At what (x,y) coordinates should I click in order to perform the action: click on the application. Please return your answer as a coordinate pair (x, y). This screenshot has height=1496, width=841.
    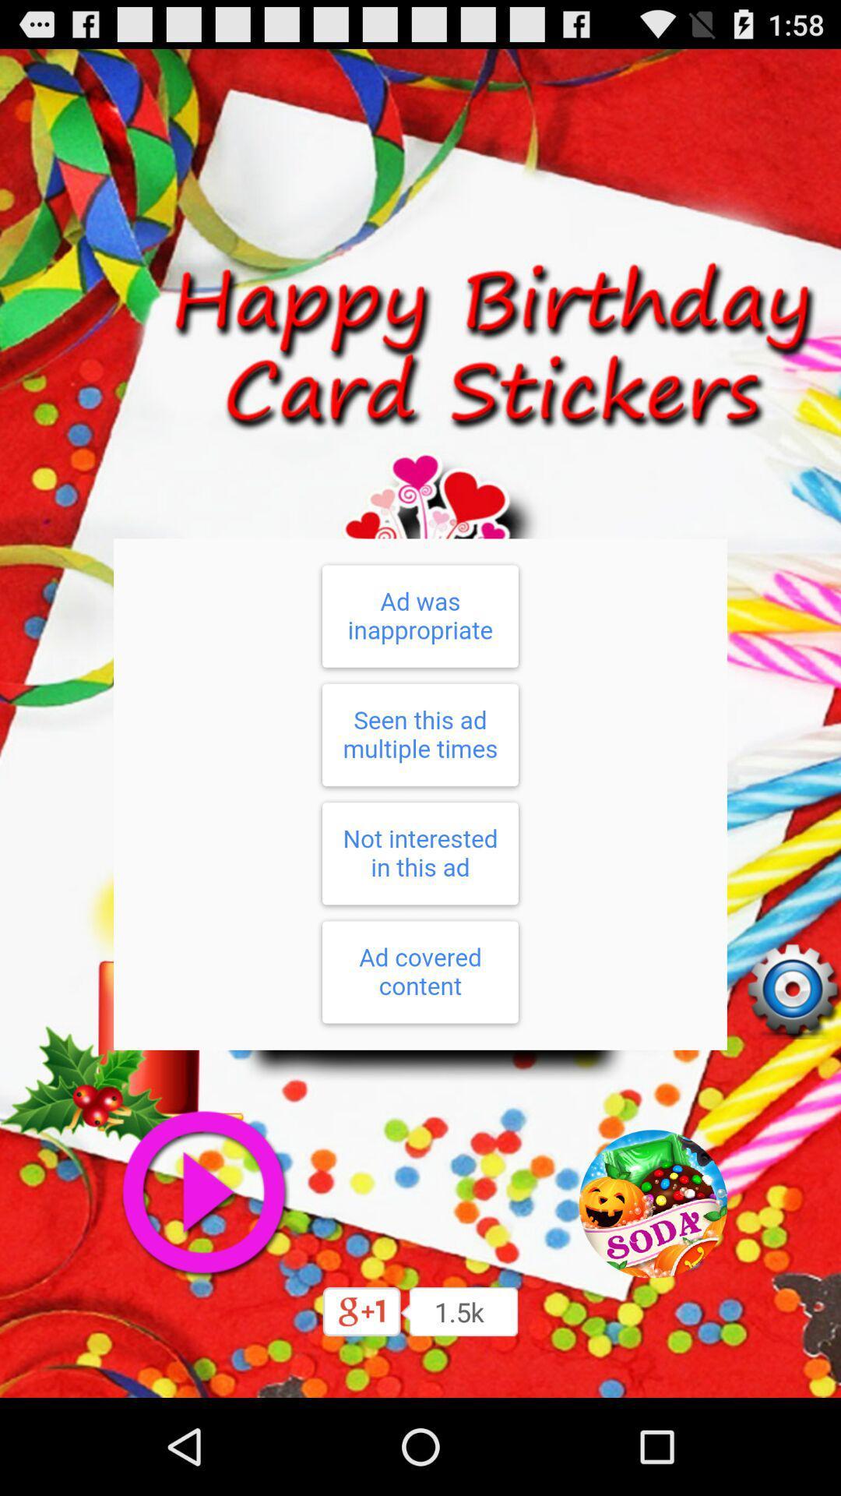
    Looking at the image, I should click on (202, 1192).